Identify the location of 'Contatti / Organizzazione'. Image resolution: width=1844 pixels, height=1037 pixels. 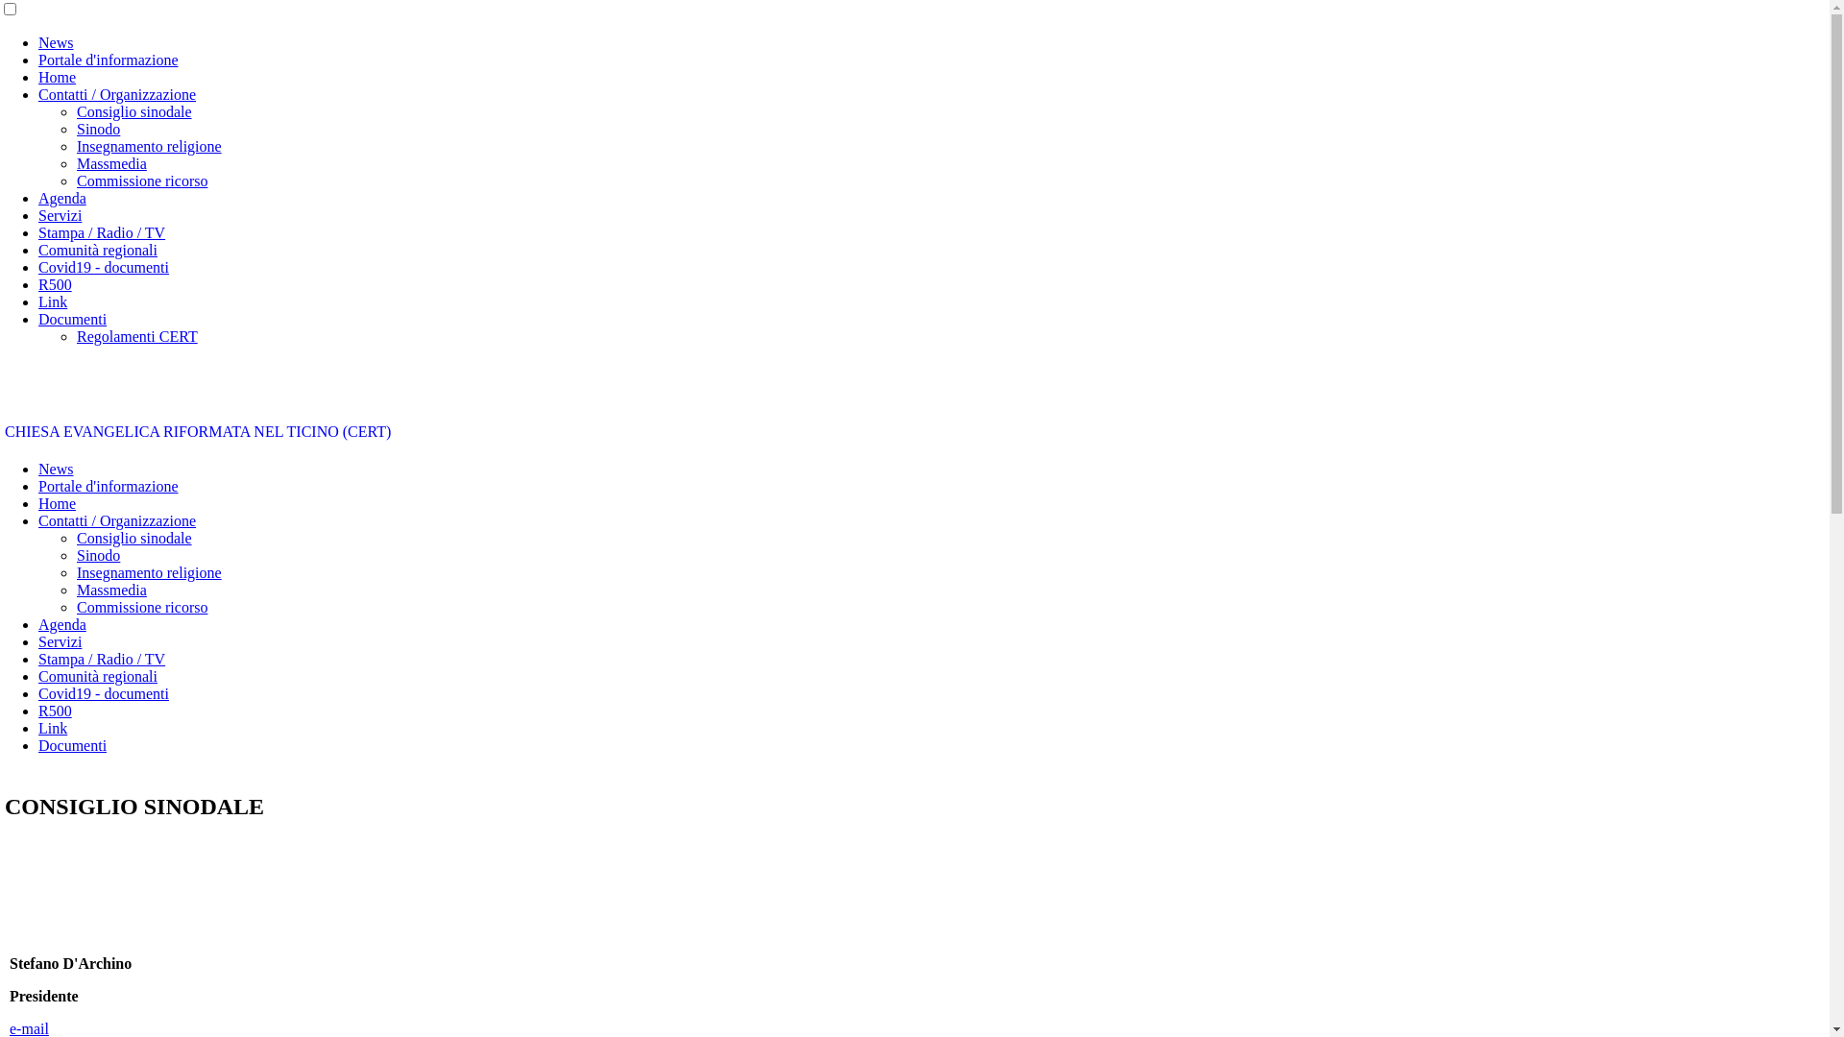
(115, 520).